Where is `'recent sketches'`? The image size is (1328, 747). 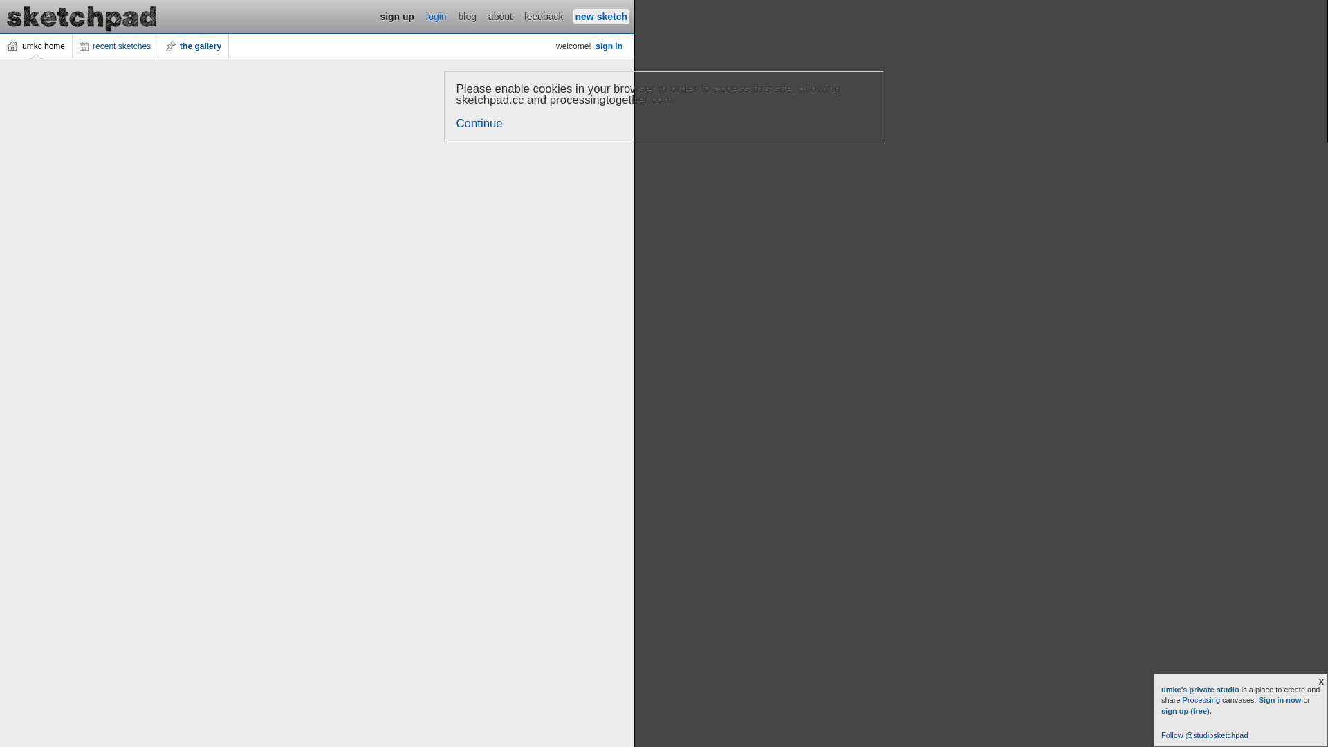
'recent sketches' is located at coordinates (116, 45).